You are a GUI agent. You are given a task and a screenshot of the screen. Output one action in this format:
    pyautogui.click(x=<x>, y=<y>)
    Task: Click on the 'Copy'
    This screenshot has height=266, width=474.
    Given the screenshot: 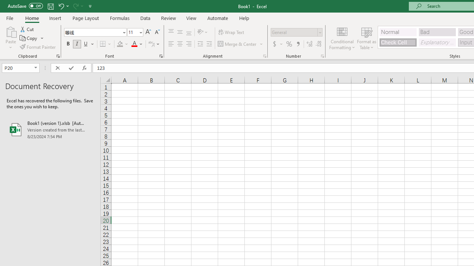 What is the action you would take?
    pyautogui.click(x=31, y=38)
    